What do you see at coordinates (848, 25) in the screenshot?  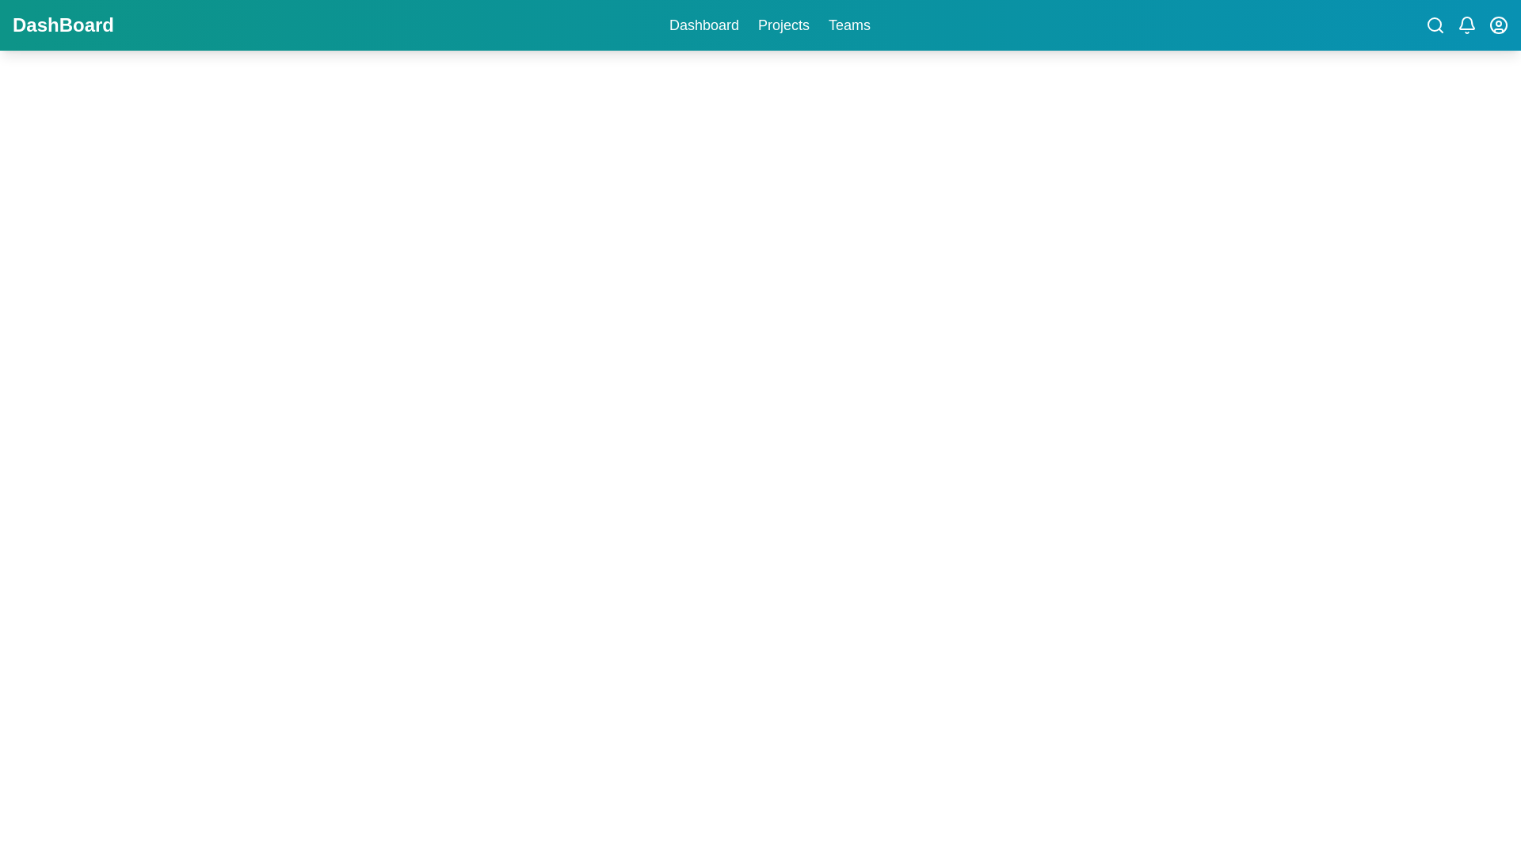 I see `the 'Teams' text button in the navigation bar to change its color to lighter gray` at bounding box center [848, 25].